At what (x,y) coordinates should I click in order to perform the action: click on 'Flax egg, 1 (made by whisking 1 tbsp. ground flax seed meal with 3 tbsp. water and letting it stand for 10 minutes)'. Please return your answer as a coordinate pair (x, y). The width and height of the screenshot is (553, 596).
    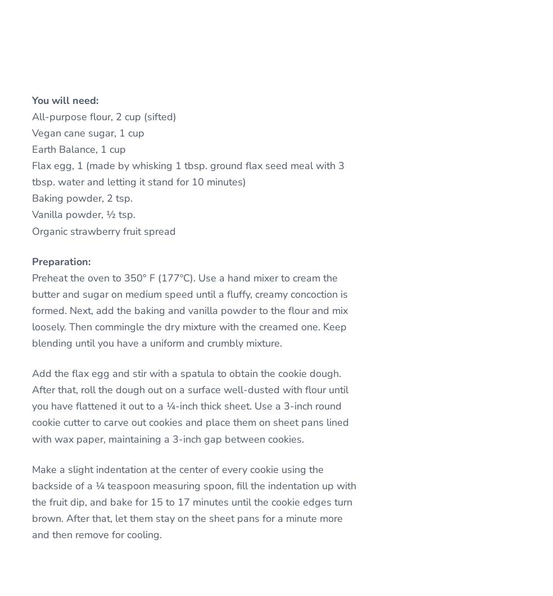
    Looking at the image, I should click on (31, 173).